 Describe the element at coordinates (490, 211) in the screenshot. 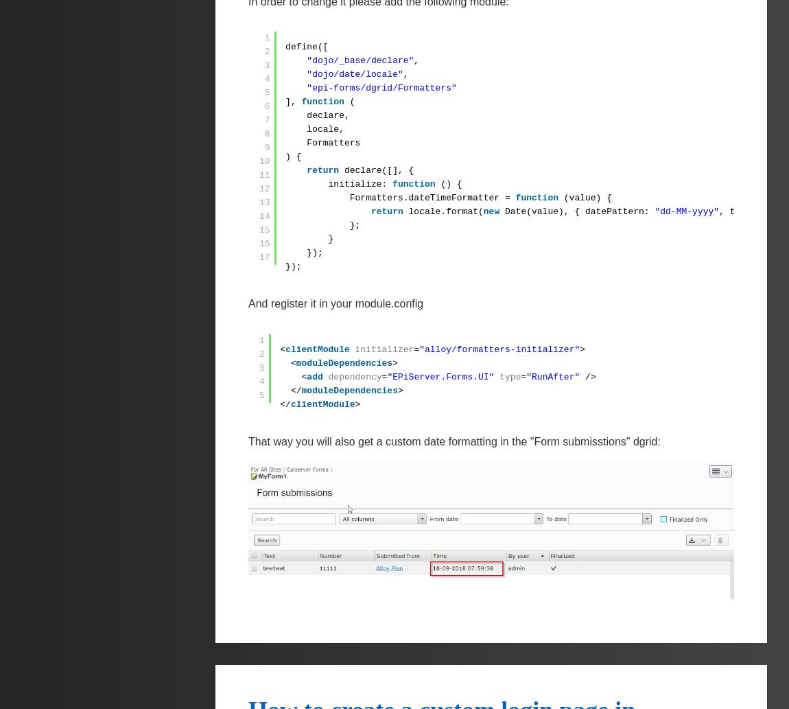

I see `'new'` at that location.